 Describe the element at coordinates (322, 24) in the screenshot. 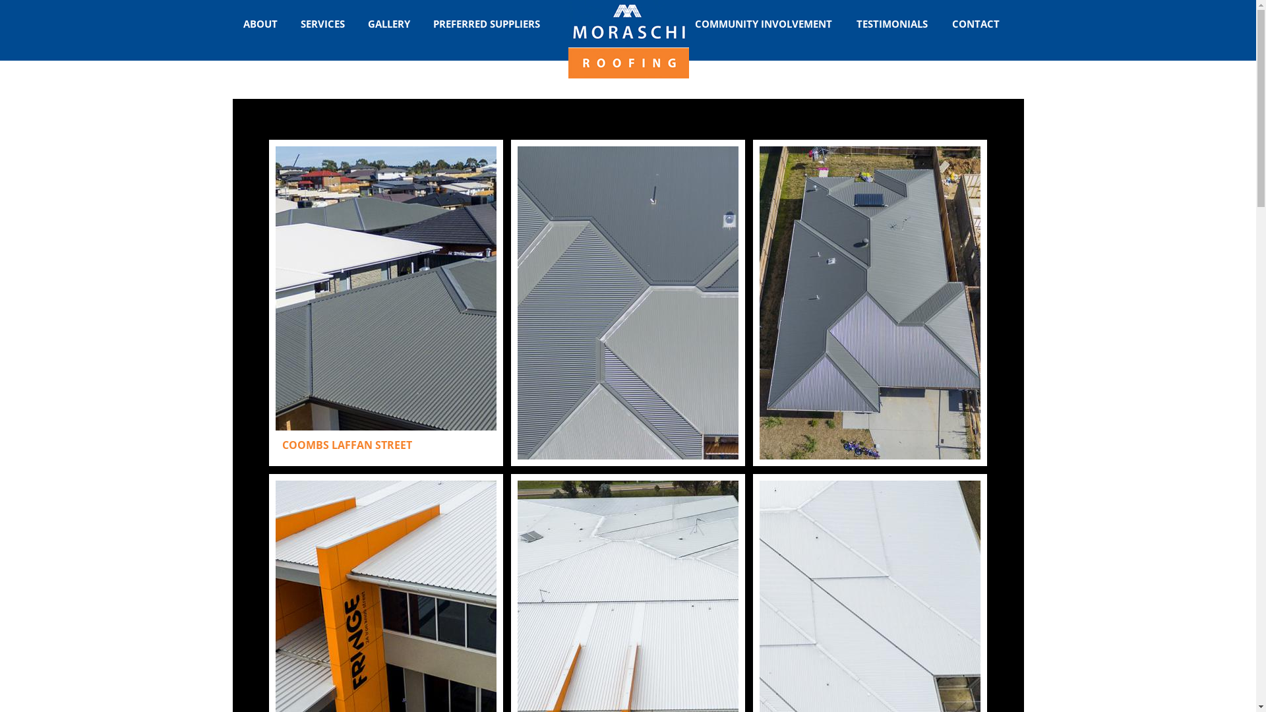

I see `'SERVICES'` at that location.